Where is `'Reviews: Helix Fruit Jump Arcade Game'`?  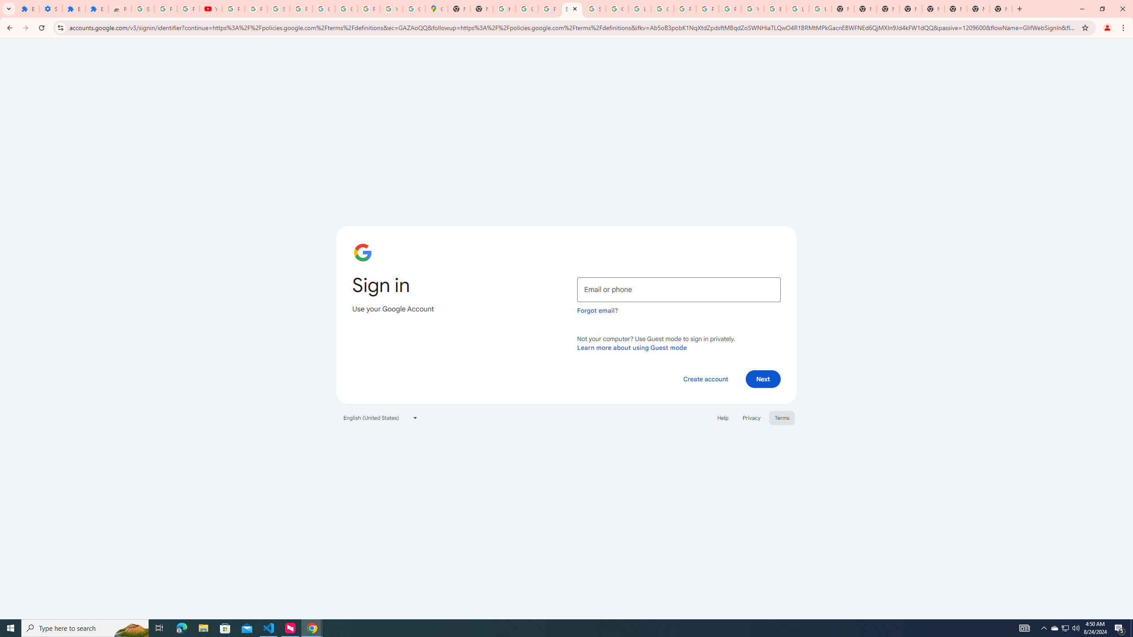 'Reviews: Helix Fruit Jump Arcade Game' is located at coordinates (119, 8).